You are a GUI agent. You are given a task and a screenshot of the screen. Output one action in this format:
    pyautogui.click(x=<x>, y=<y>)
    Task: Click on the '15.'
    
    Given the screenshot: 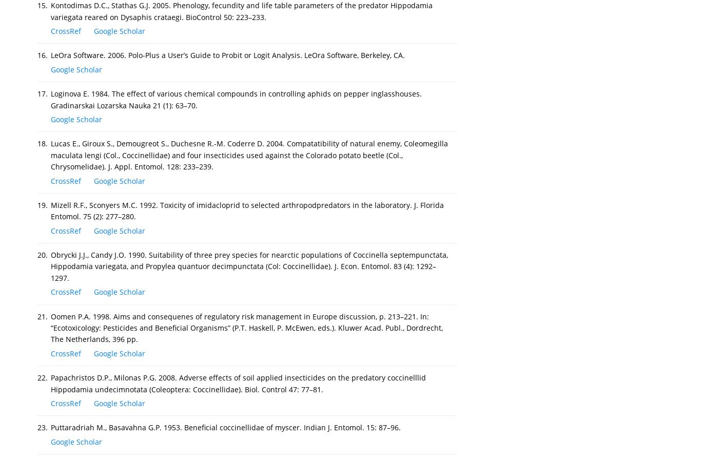 What is the action you would take?
    pyautogui.click(x=43, y=5)
    